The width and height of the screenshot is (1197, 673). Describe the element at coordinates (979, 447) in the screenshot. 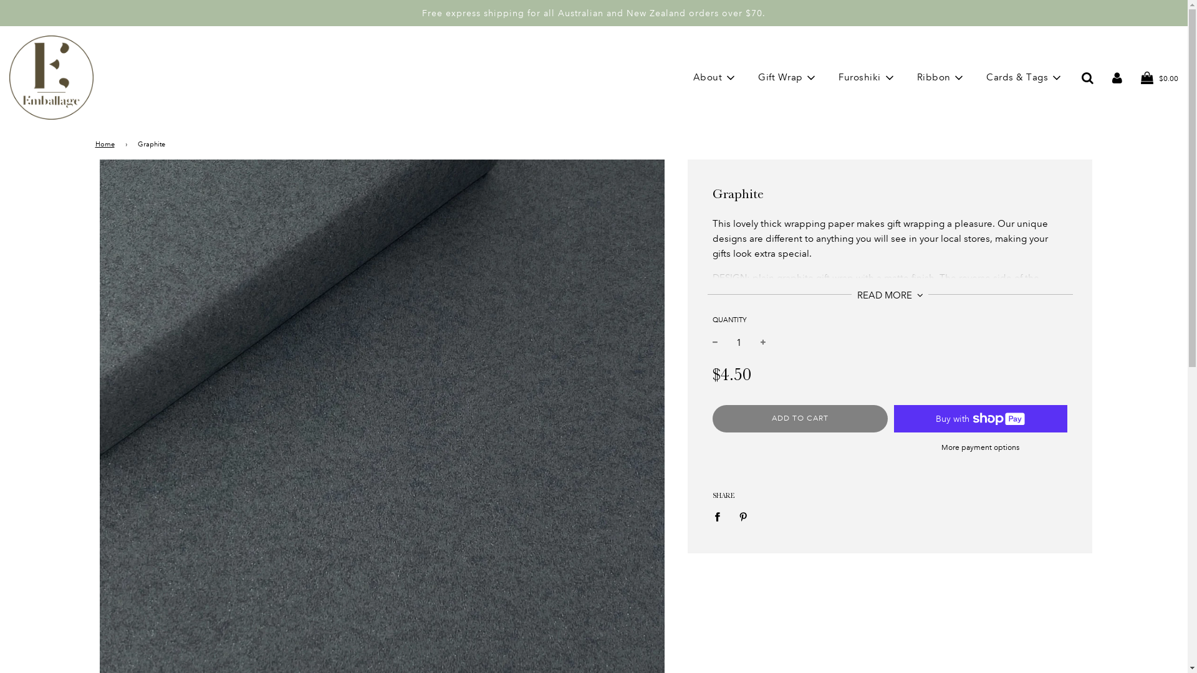

I see `'More payment options'` at that location.